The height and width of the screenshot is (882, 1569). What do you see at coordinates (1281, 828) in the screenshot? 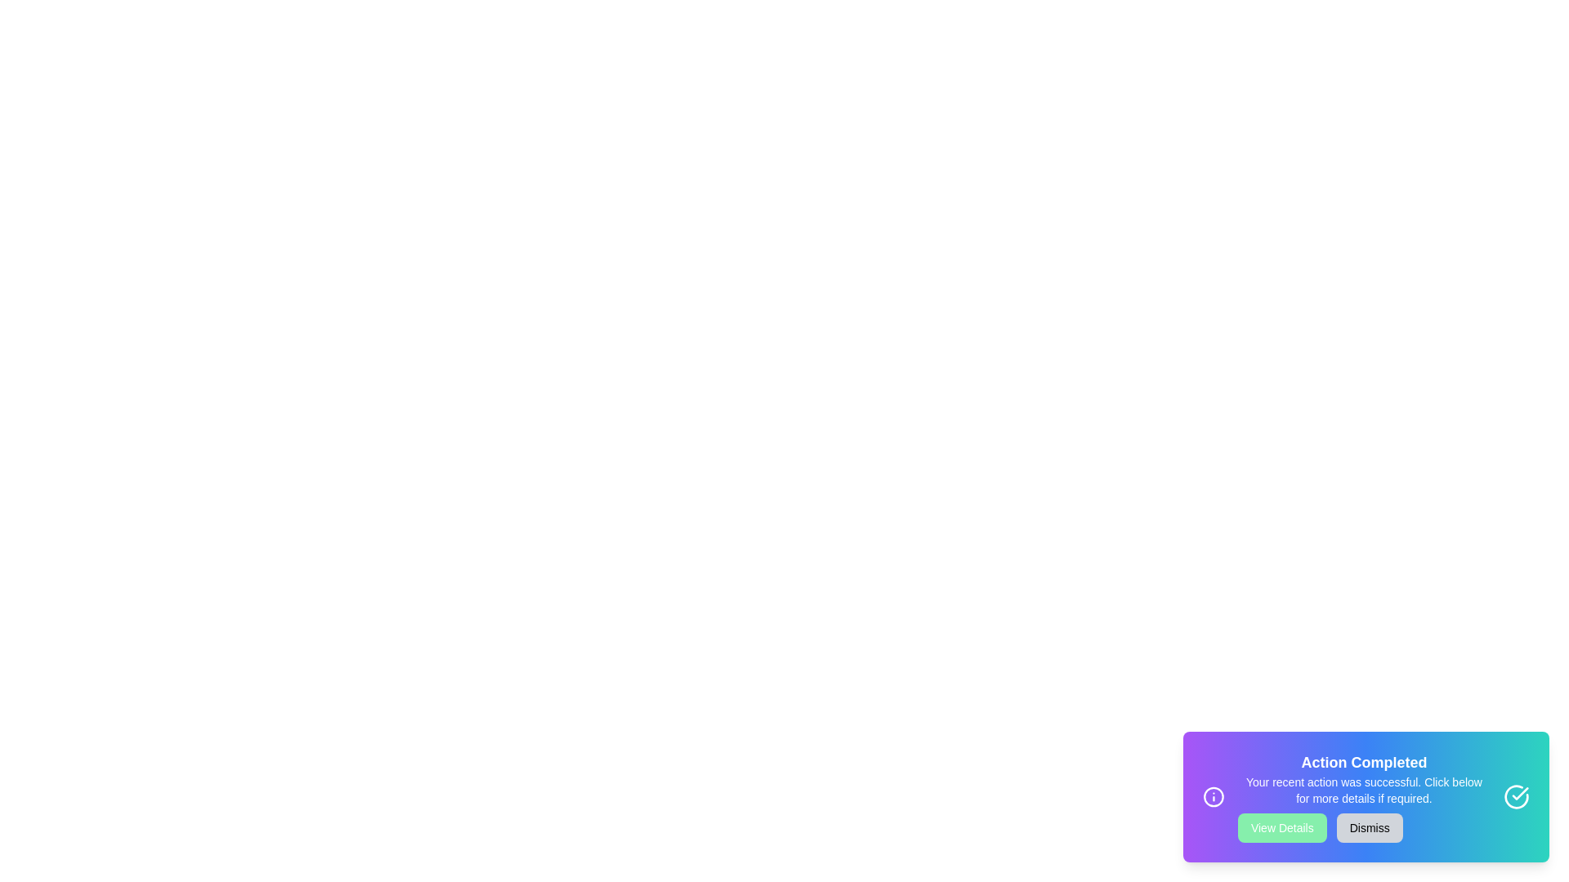
I see `the 'View Details' button to trigger the alert` at bounding box center [1281, 828].